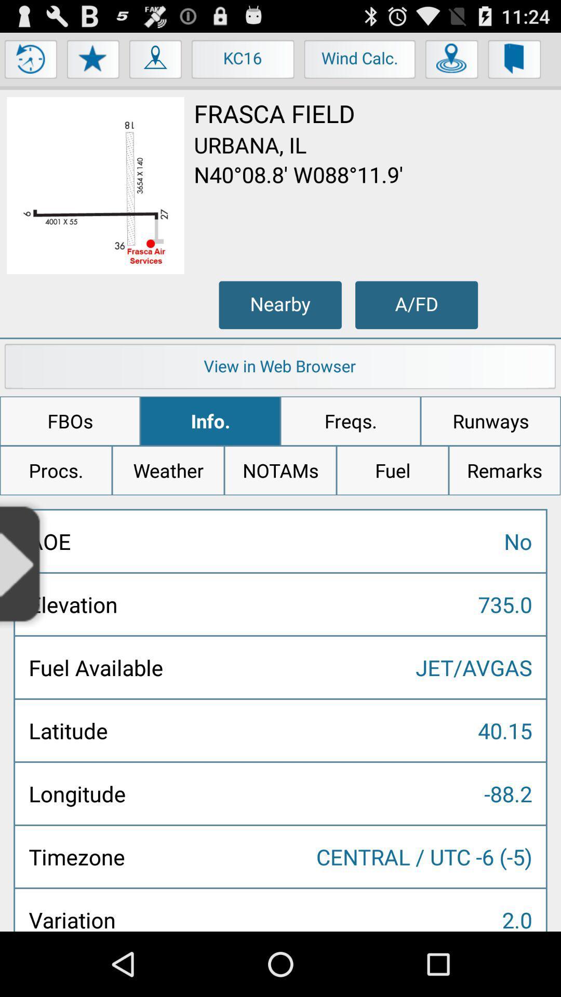 This screenshot has width=561, height=997. Describe the element at coordinates (96, 185) in the screenshot. I see `icon to the left of frasca field` at that location.